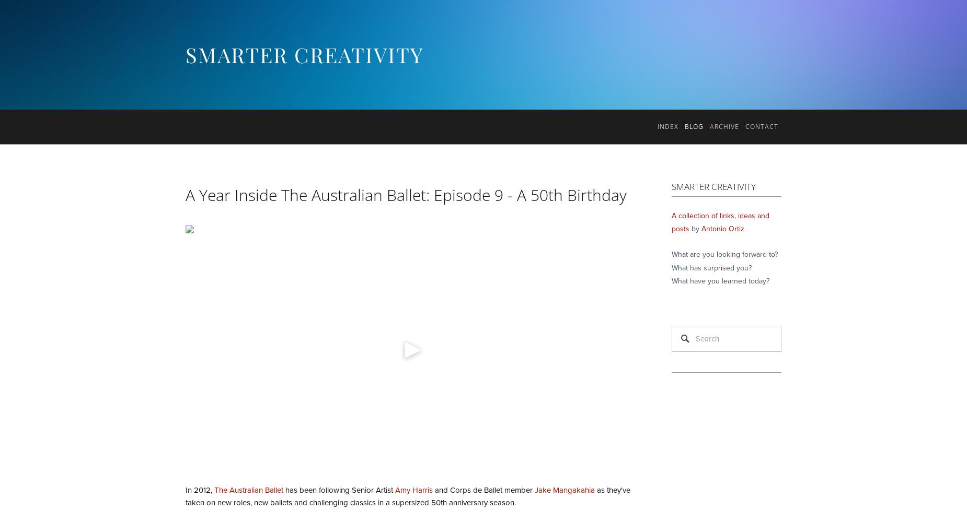 The width and height of the screenshot is (967, 522). Describe the element at coordinates (483, 490) in the screenshot. I see `'and Corps de Ballet member'` at that location.